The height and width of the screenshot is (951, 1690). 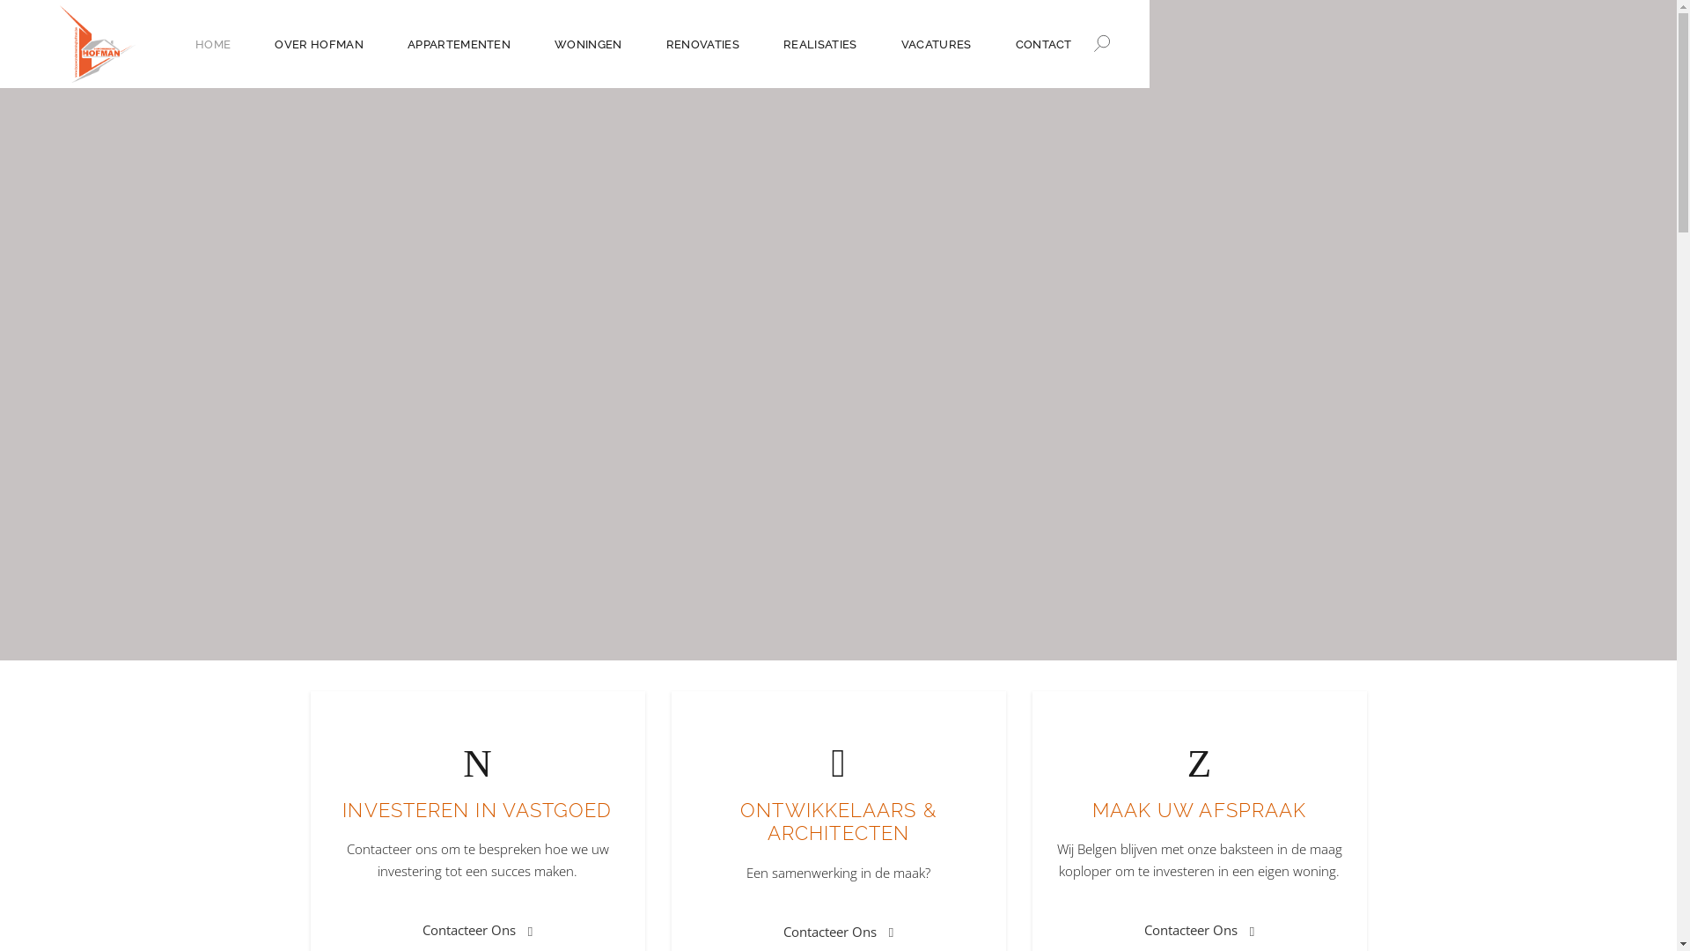 What do you see at coordinates (459, 42) in the screenshot?
I see `'APPARTEMENTEN'` at bounding box center [459, 42].